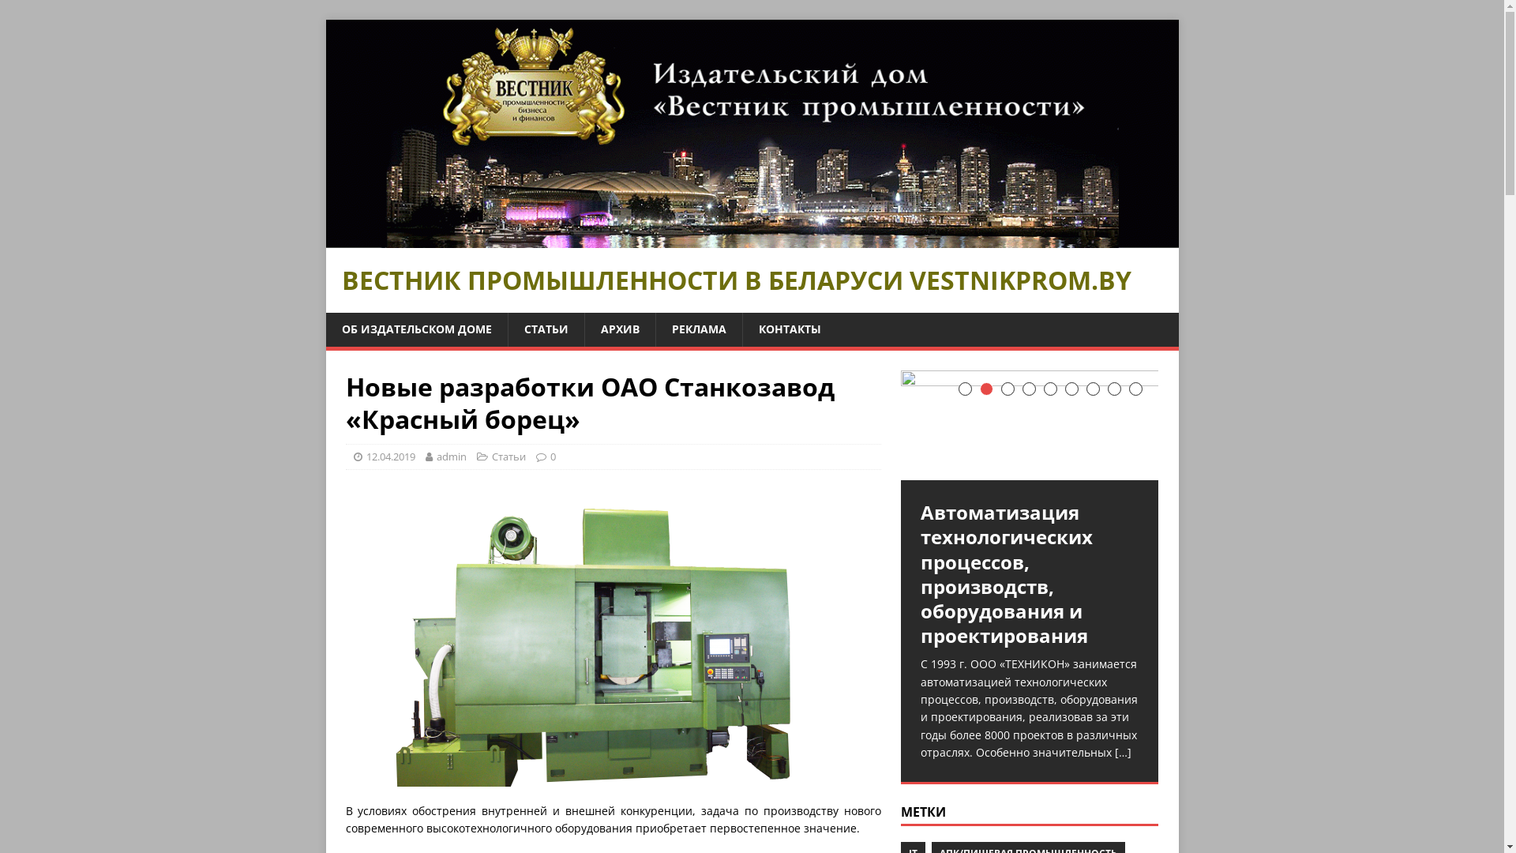 The width and height of the screenshot is (1516, 853). What do you see at coordinates (985, 389) in the screenshot?
I see `'2'` at bounding box center [985, 389].